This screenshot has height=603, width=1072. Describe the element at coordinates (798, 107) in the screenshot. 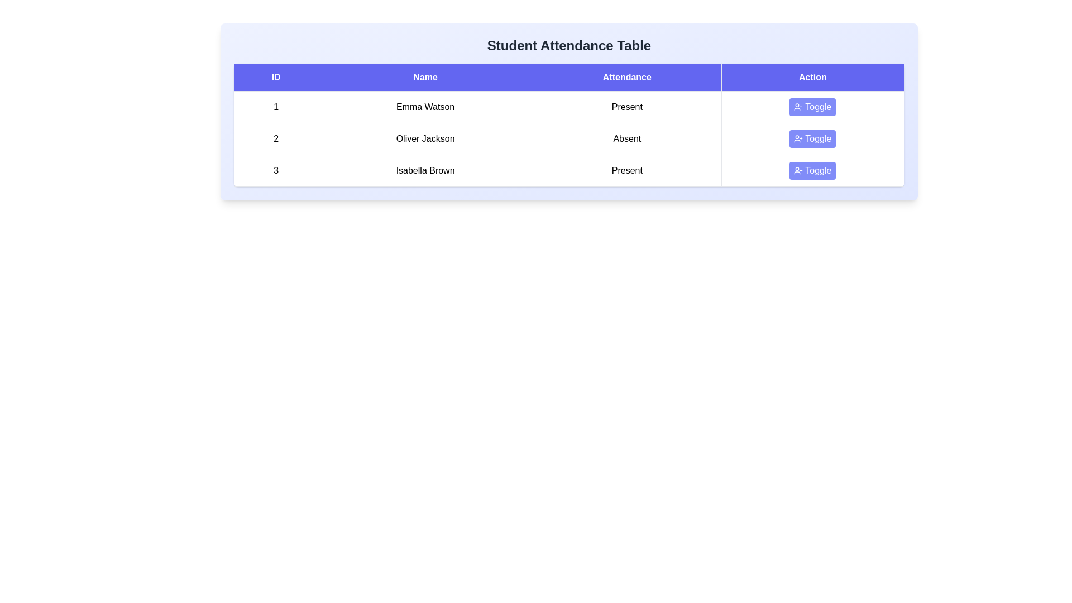

I see `tooltip or description of the user-minus icon within the first 'Toggle' button in the 'Action' column of the table, associated with the first row of data` at that location.